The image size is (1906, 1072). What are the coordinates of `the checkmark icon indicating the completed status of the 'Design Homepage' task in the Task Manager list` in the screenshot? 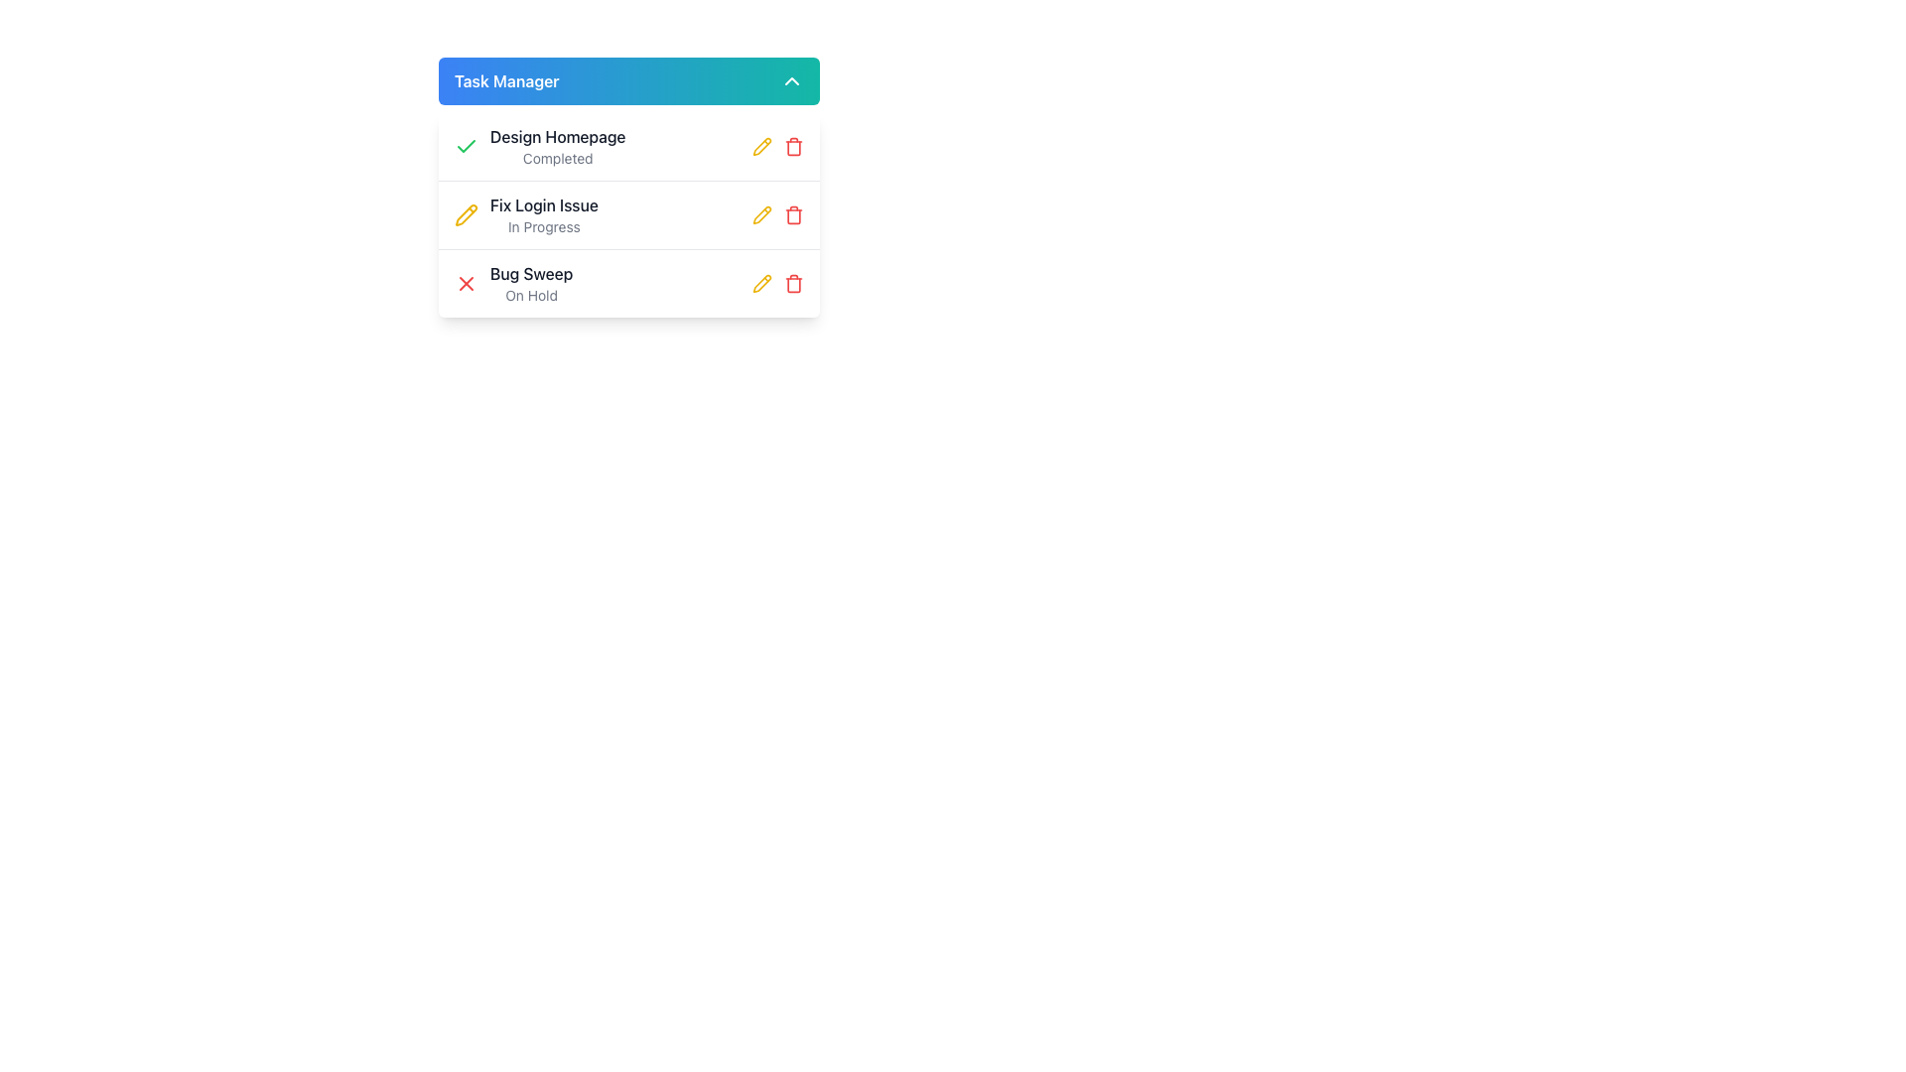 It's located at (466, 145).